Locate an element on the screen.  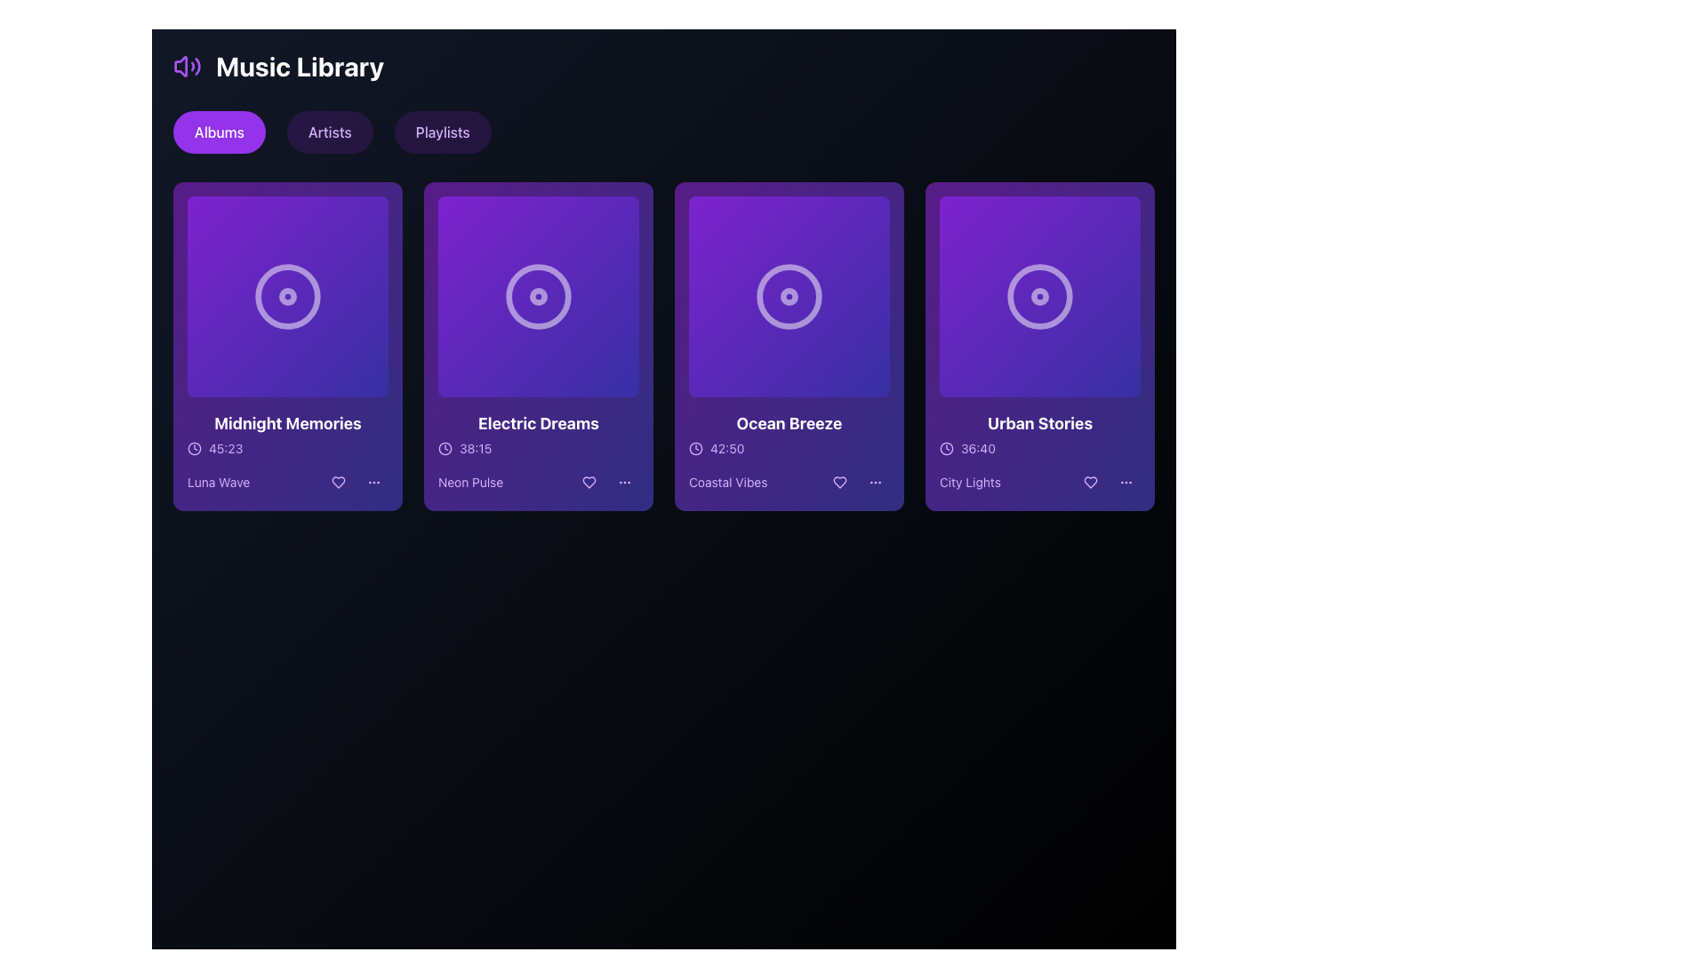
the button with three horizontal dots in an ellipsis format, located in the lower-right corner of the 'Midnight Memories' album box is located at coordinates (373, 483).